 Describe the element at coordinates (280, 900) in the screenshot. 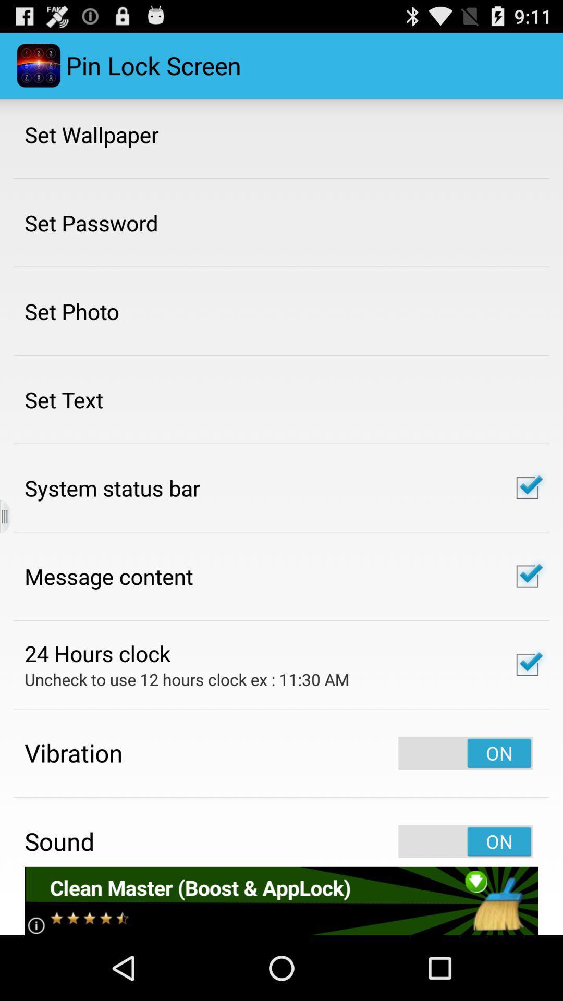

I see `install app` at that location.